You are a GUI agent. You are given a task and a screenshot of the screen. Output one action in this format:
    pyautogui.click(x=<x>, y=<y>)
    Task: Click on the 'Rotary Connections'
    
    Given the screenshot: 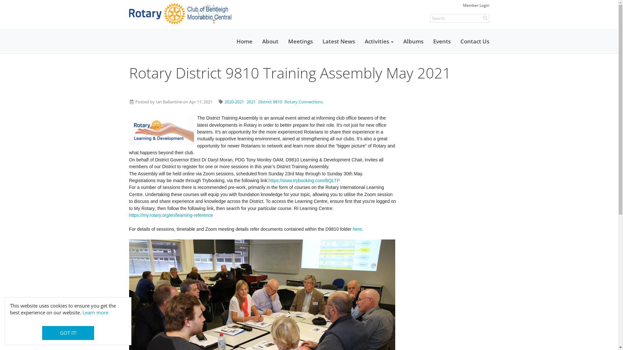 What is the action you would take?
    pyautogui.click(x=285, y=101)
    